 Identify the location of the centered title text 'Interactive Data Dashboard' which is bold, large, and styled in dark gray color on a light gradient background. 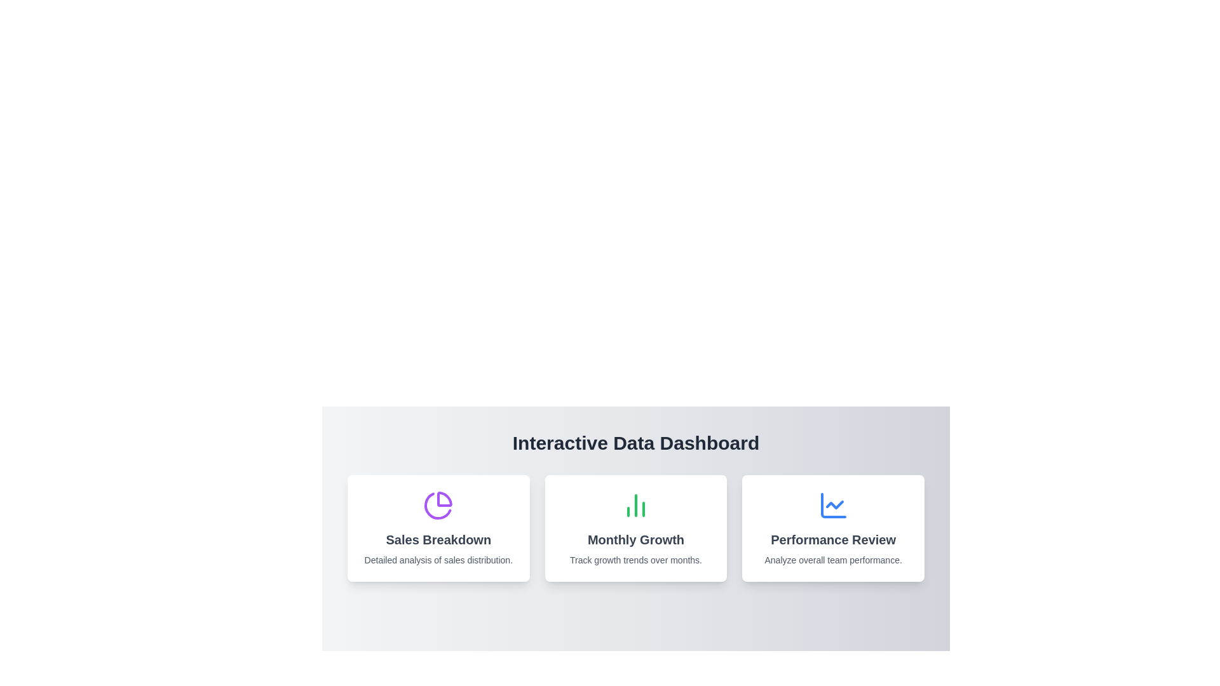
(636, 443).